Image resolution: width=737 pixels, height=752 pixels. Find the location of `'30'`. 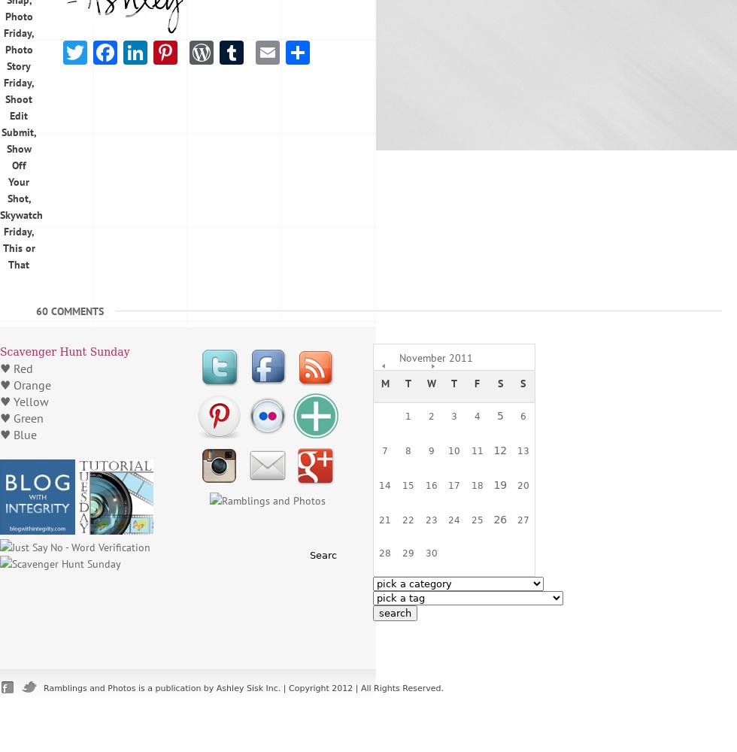

'30' is located at coordinates (431, 553).